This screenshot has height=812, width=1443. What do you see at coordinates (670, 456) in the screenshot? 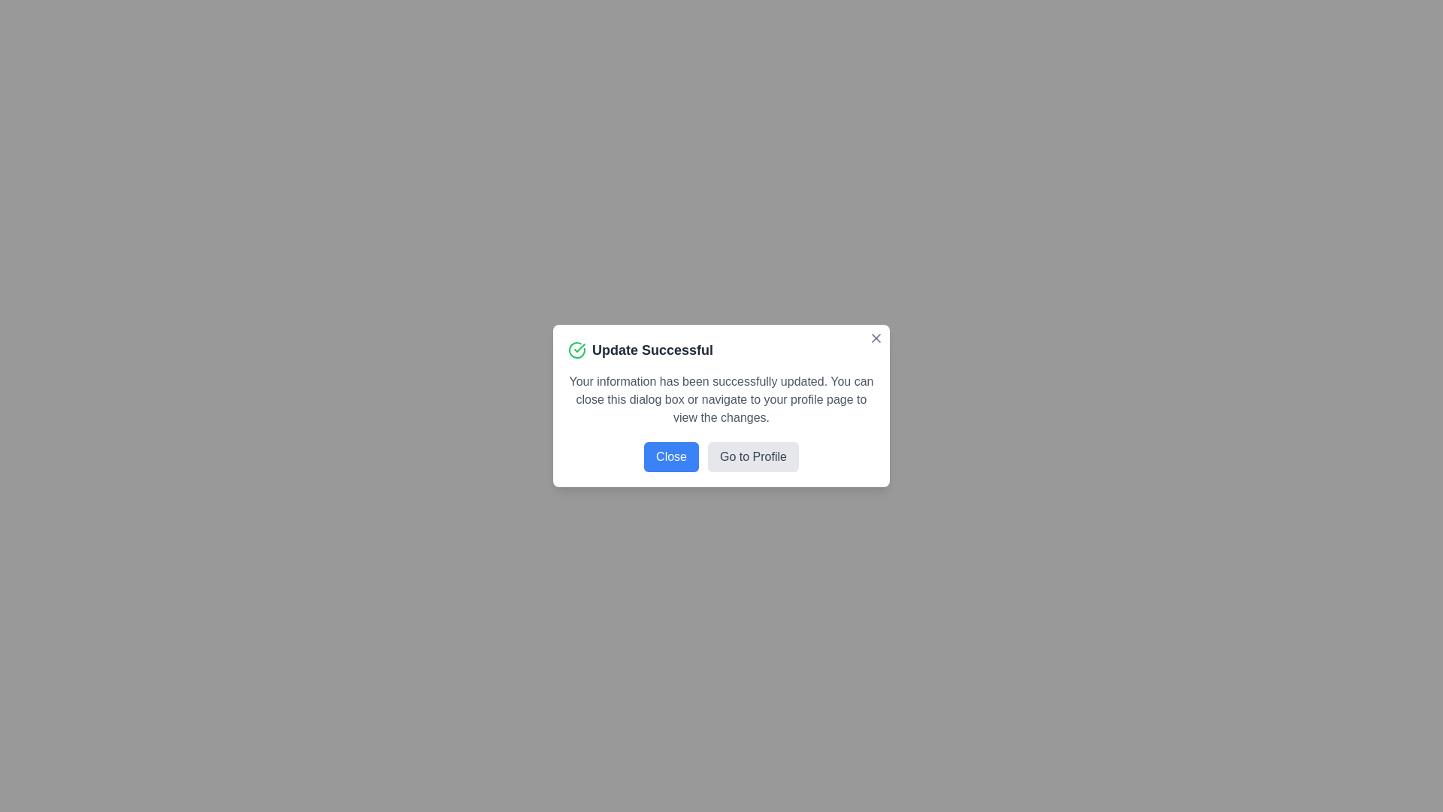
I see `the visual elements by focusing on Close button` at bounding box center [670, 456].